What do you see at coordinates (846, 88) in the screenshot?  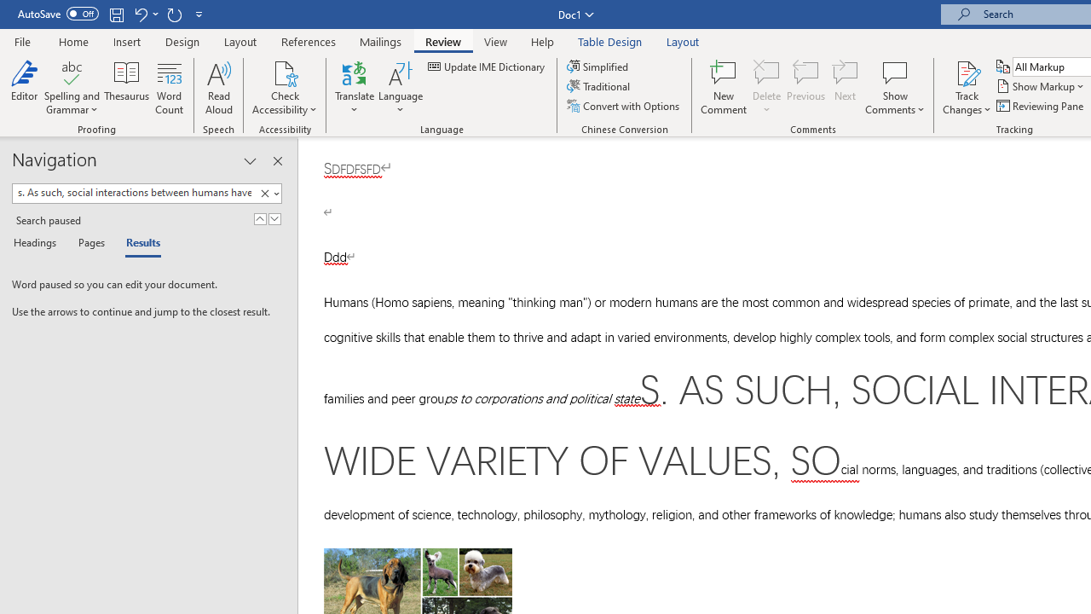 I see `'Next'` at bounding box center [846, 88].